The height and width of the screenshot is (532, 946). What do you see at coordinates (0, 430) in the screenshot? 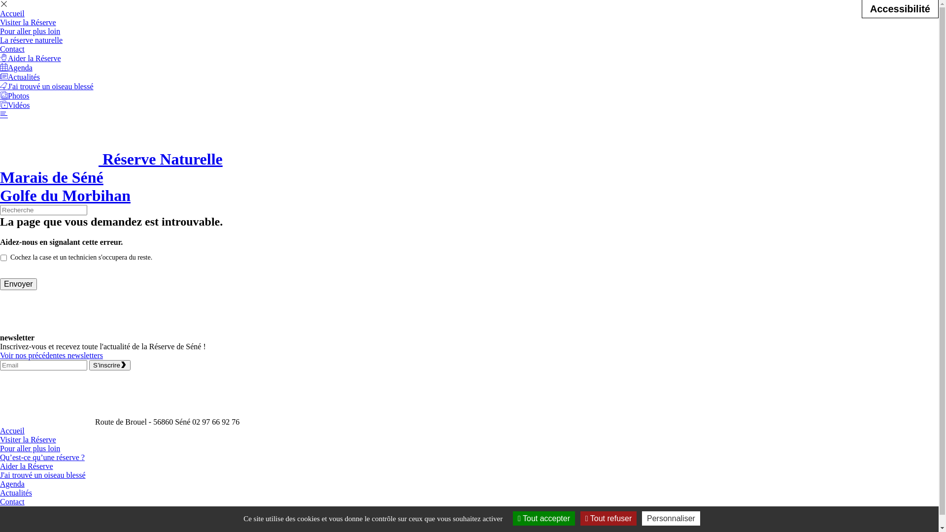
I see `'Accueil'` at bounding box center [0, 430].